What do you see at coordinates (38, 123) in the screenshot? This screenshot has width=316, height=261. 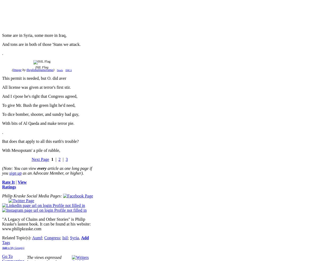 I see `'With bits of Al Qaeda and make terror pie.'` at bounding box center [38, 123].